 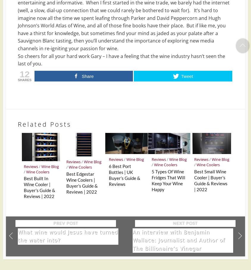 What do you see at coordinates (185, 223) in the screenshot?
I see `'Next Post'` at bounding box center [185, 223].